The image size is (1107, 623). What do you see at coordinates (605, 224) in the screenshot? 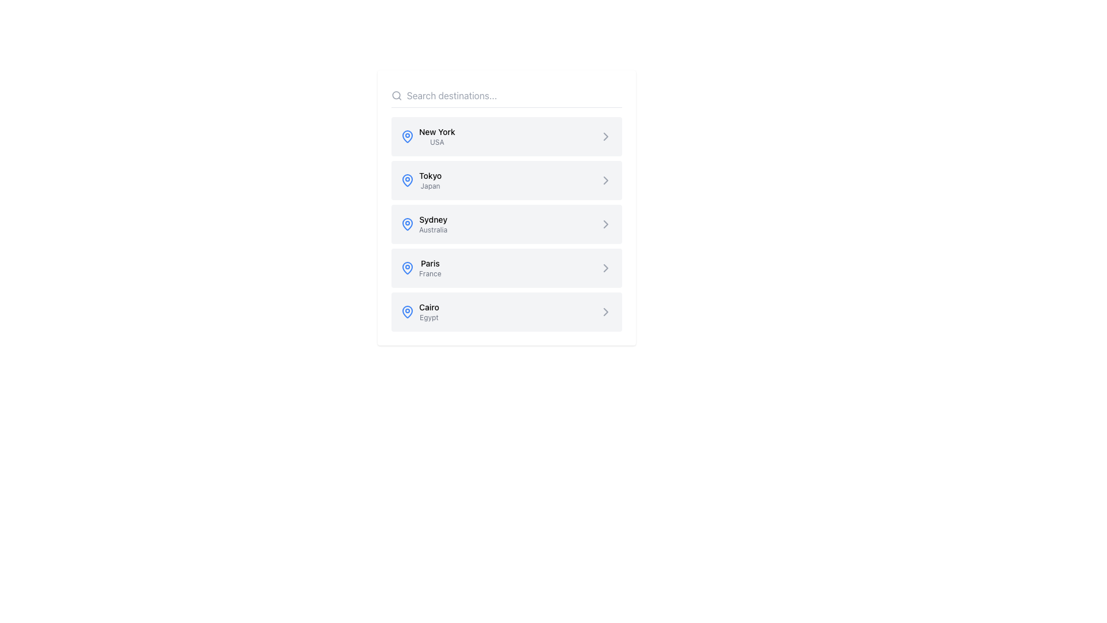
I see `the small gray arrow icon located at the far-right end of the row labeled 'Sydney' and 'Australia'` at bounding box center [605, 224].